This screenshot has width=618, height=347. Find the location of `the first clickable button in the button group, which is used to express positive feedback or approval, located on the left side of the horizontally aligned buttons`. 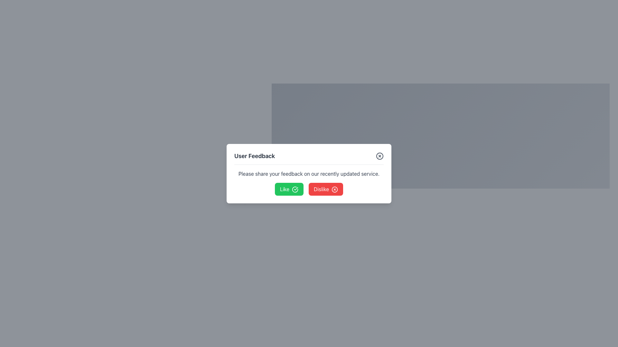

the first clickable button in the button group, which is used to express positive feedback or approval, located on the left side of the horizontally aligned buttons is located at coordinates (289, 189).